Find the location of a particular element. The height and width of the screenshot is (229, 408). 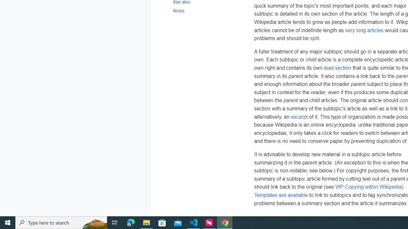

'WP:Copying within Wikipedia' is located at coordinates (368, 186).